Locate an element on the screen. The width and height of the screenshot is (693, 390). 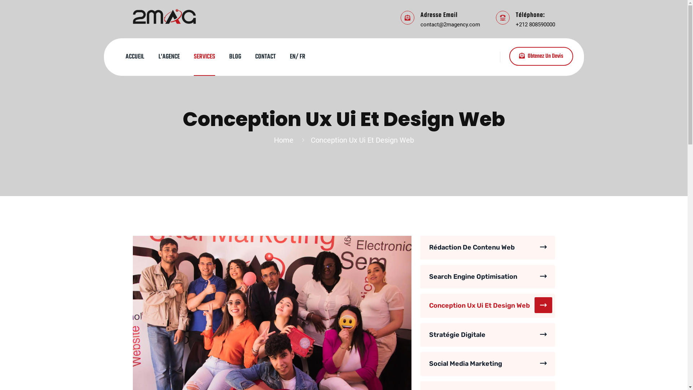
'Home  ' is located at coordinates (273, 140).